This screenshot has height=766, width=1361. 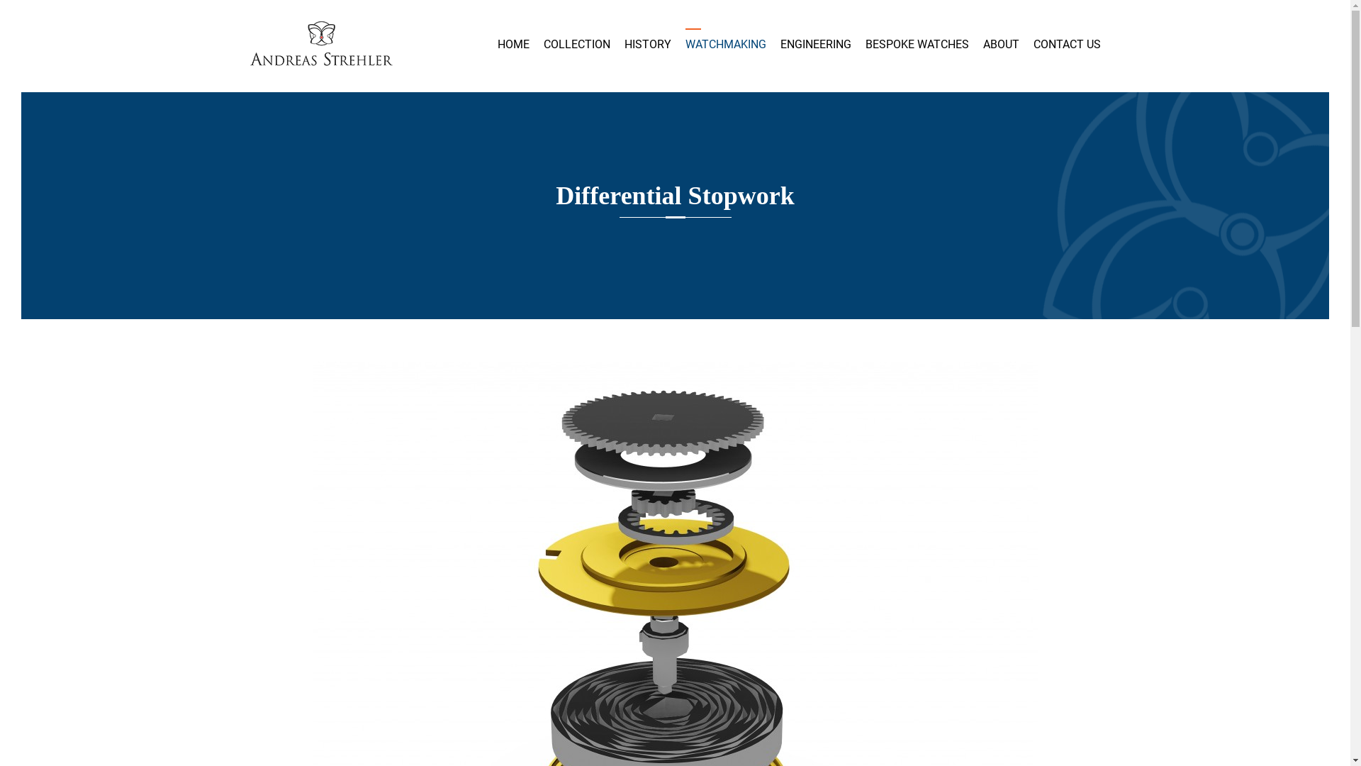 What do you see at coordinates (646, 43) in the screenshot?
I see `'HISTORY'` at bounding box center [646, 43].